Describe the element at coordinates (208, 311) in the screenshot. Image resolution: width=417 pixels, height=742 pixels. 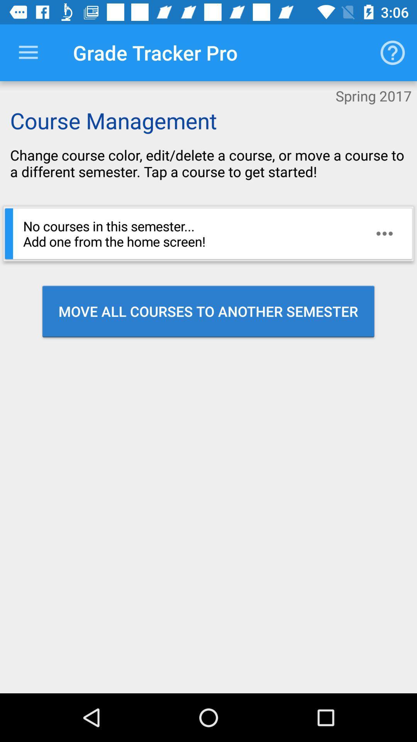
I see `move all courses` at that location.